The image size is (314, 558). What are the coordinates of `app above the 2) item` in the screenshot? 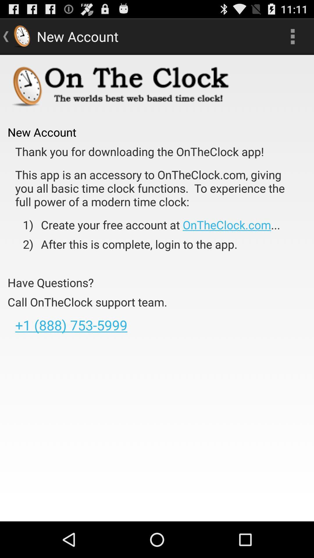 It's located at (156, 224).